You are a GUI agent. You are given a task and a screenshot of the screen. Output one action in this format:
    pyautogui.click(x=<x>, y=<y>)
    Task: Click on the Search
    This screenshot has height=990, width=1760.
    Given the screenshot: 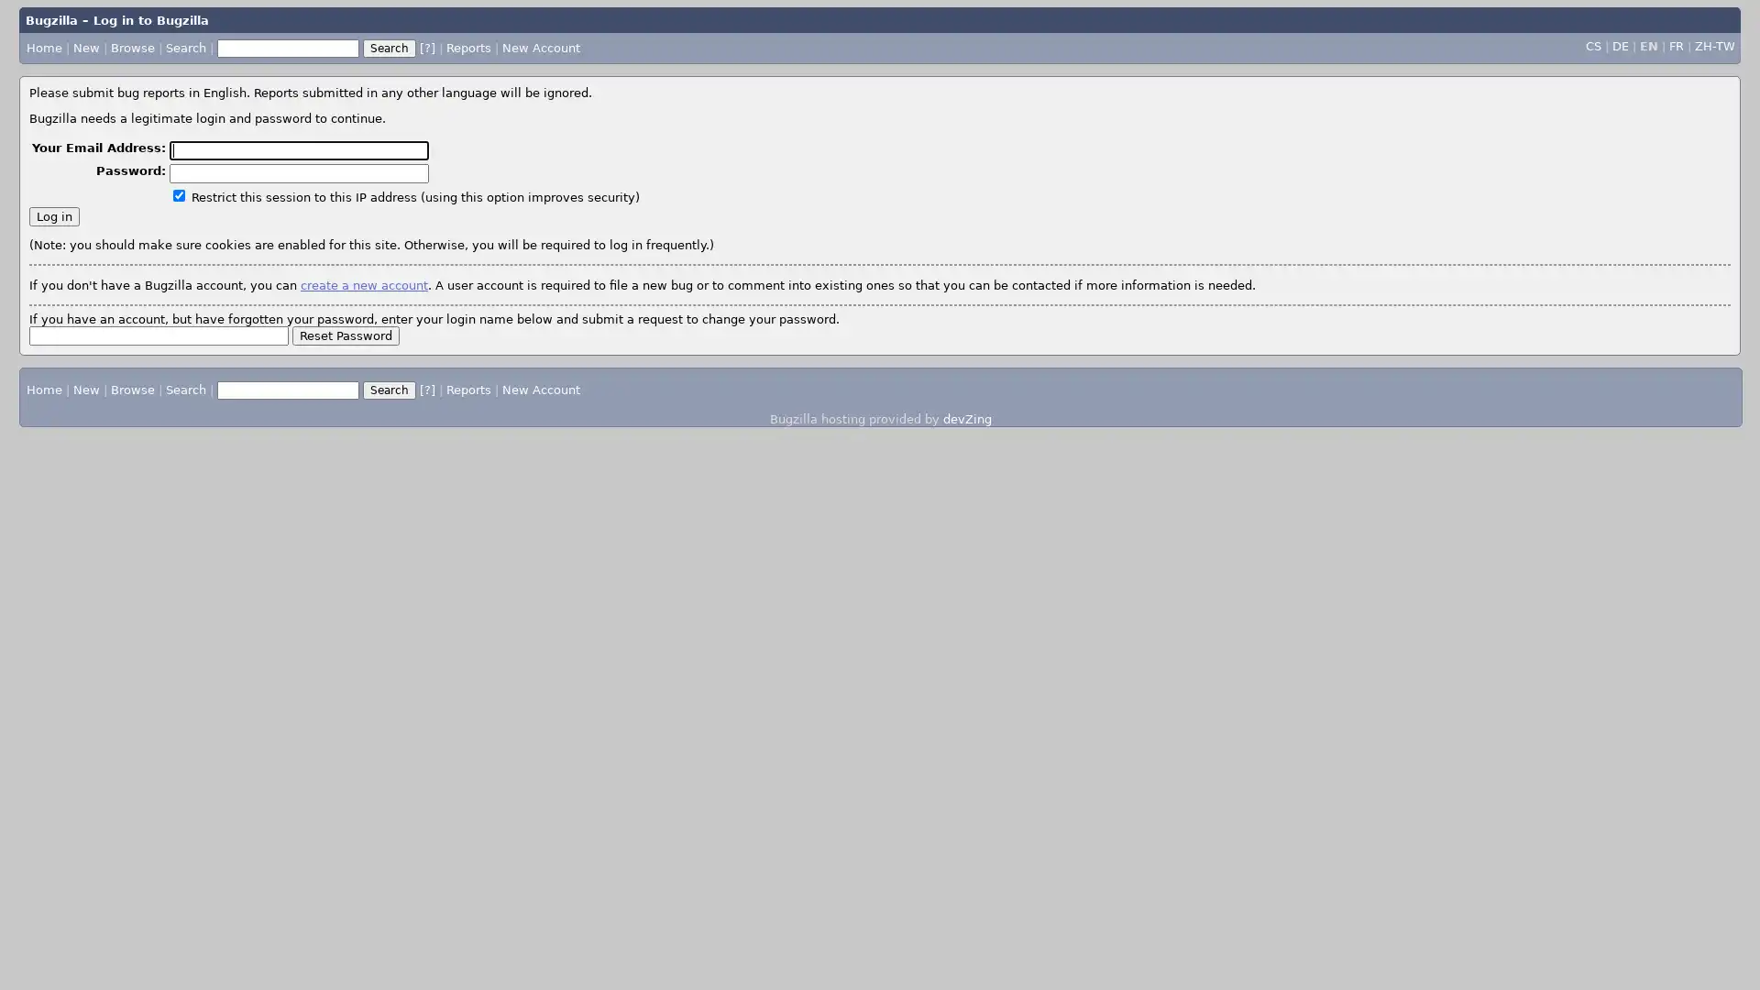 What is the action you would take?
    pyautogui.click(x=389, y=388)
    